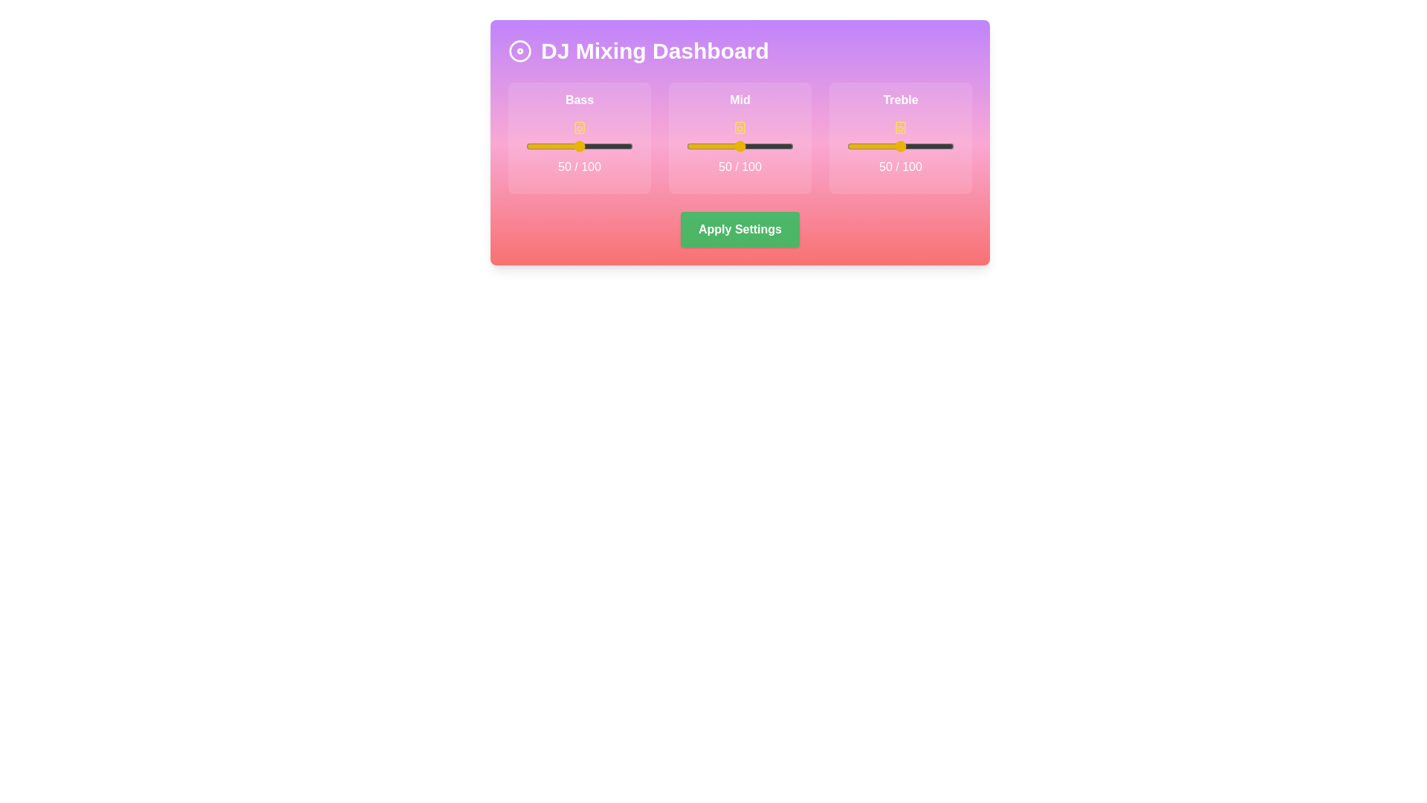  I want to click on the treble slider to 50 (0-100), so click(899, 146).